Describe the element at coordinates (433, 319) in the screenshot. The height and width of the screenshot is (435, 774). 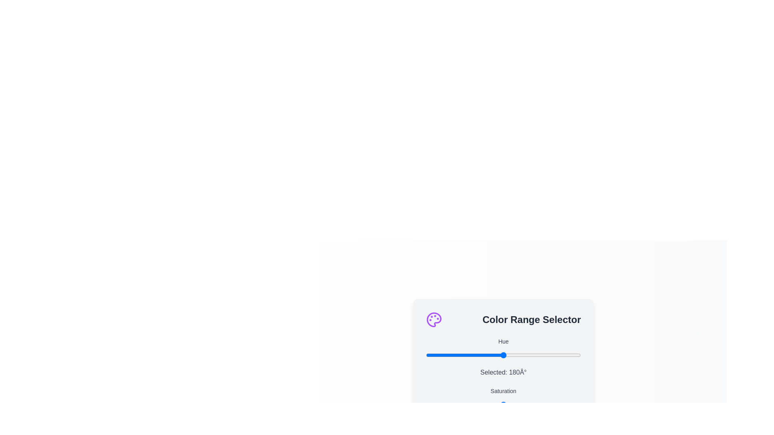
I see `the purple painter's palette icon located at the top-left corner of the 'Color Range Selector' section, which features circular paint spots and a handle area` at that location.